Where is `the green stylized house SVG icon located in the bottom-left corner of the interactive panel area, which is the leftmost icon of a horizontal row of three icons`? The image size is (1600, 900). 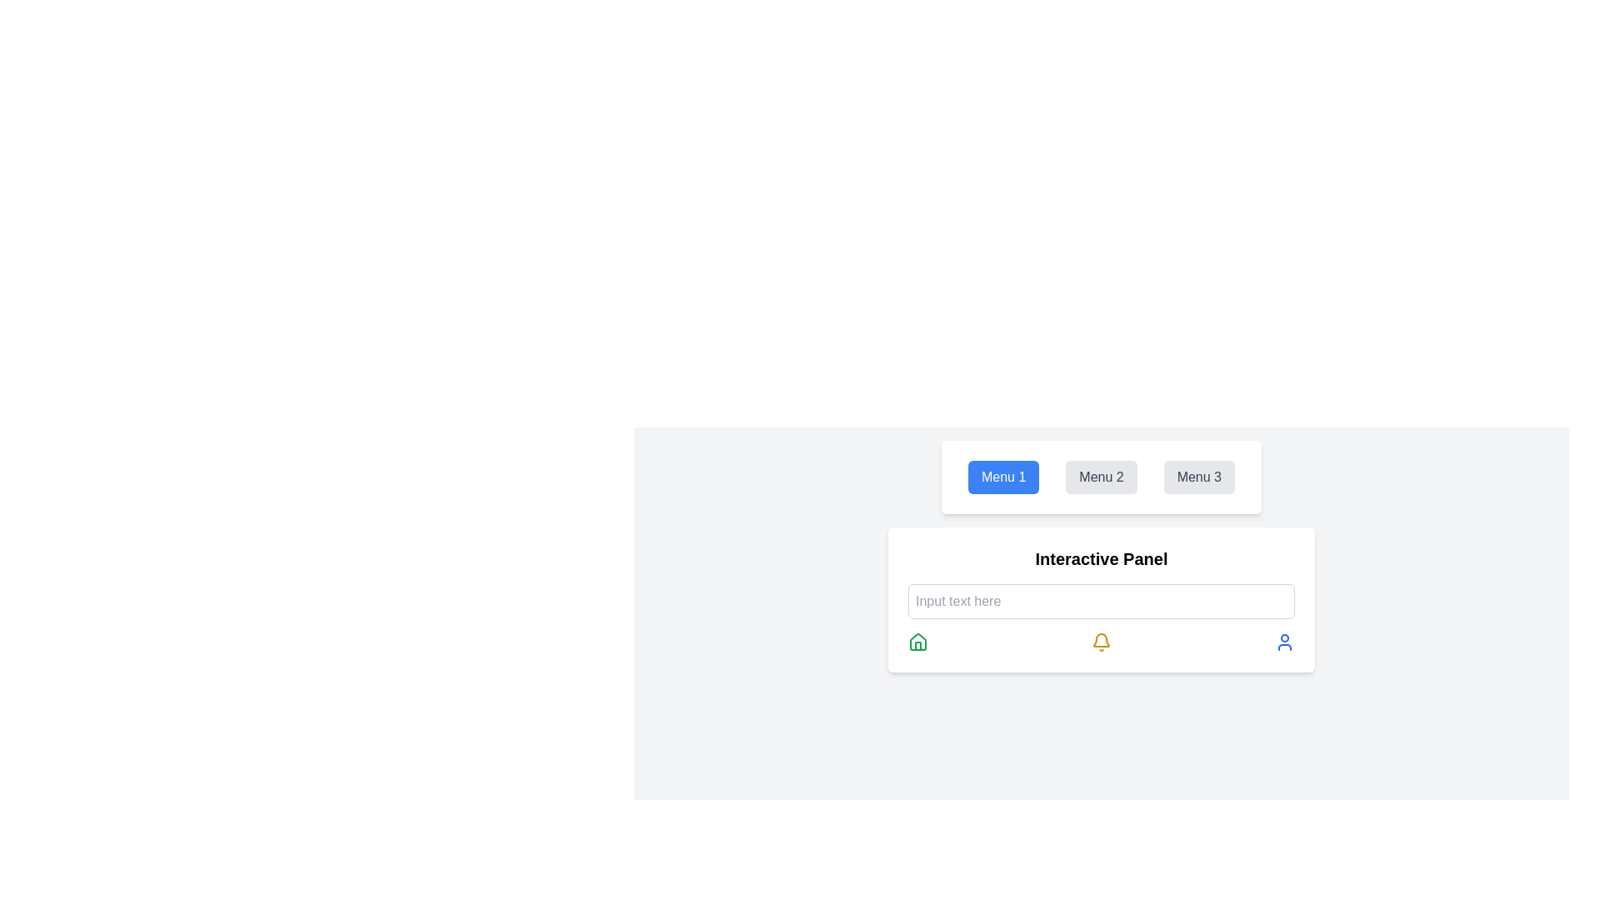 the green stylized house SVG icon located in the bottom-left corner of the interactive panel area, which is the leftmost icon of a horizontal row of three icons is located at coordinates (917, 642).